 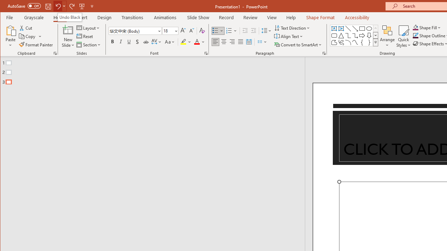 What do you see at coordinates (369, 43) in the screenshot?
I see `'Right Brace'` at bounding box center [369, 43].